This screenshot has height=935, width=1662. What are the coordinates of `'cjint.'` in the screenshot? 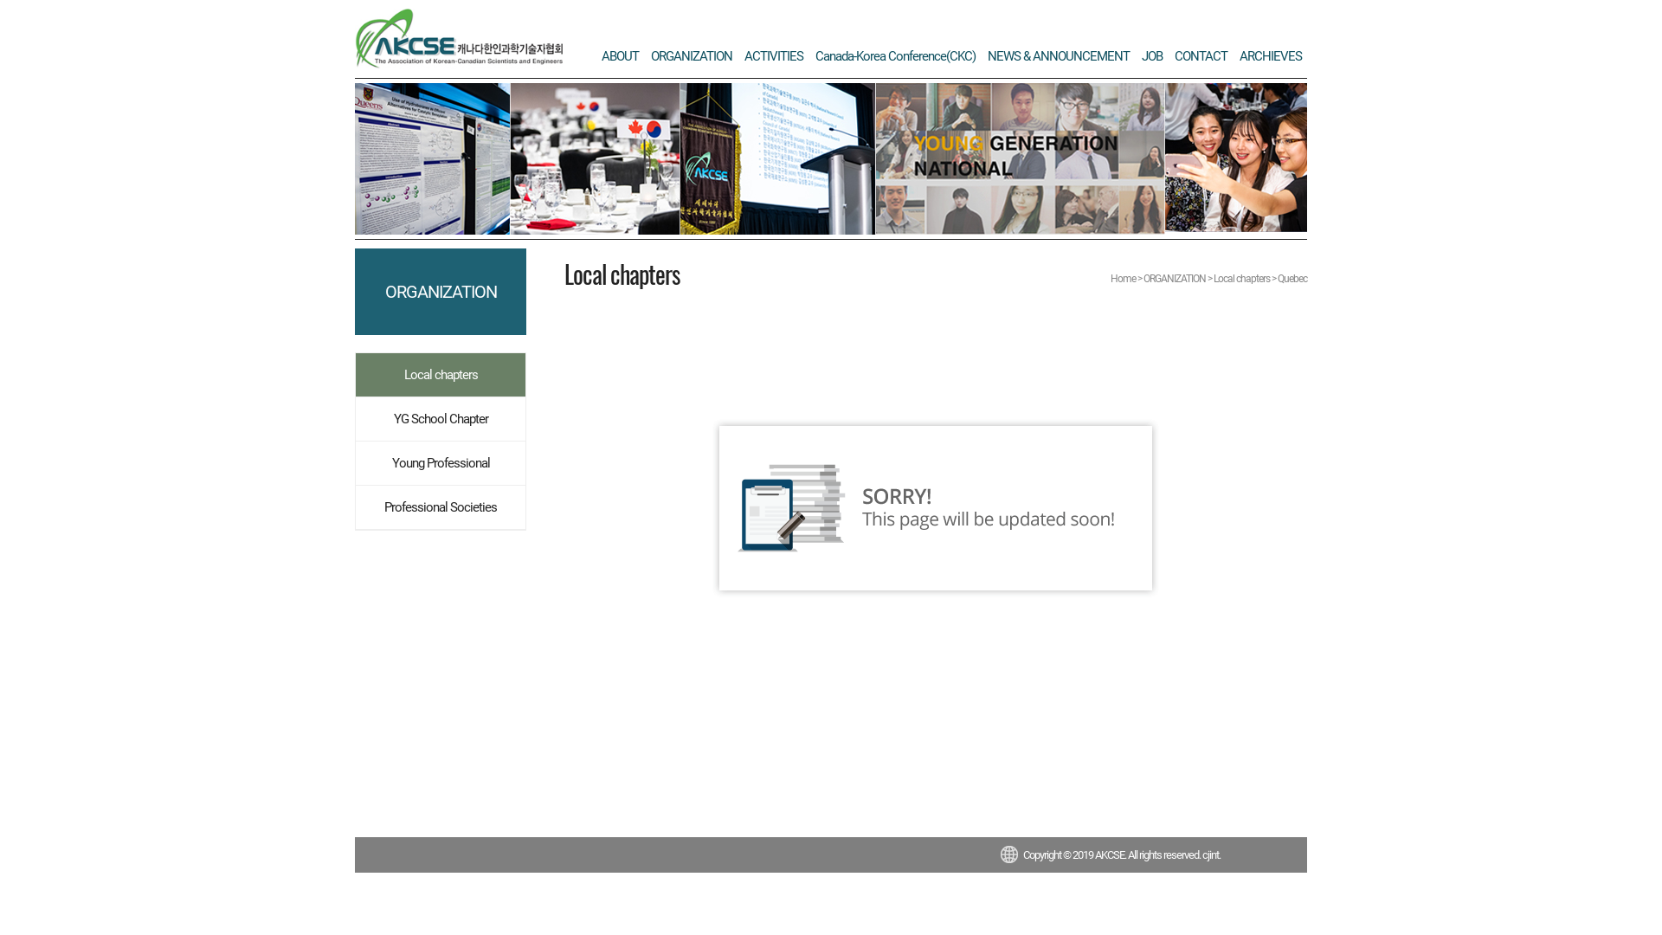 It's located at (1210, 854).